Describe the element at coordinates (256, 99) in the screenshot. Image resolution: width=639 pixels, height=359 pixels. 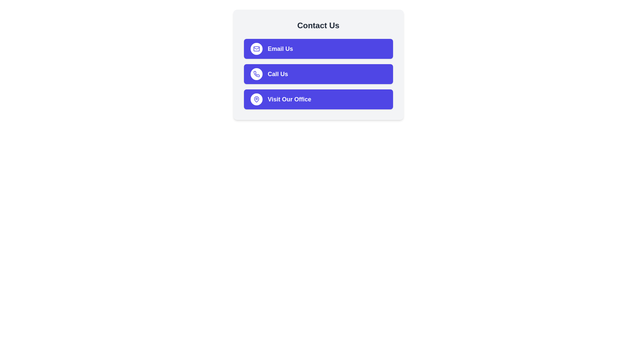
I see `the center of the circular Icon Button with a white background, indigo-blue border, and a pin icon, located within the 'Visit Our Office' button` at that location.